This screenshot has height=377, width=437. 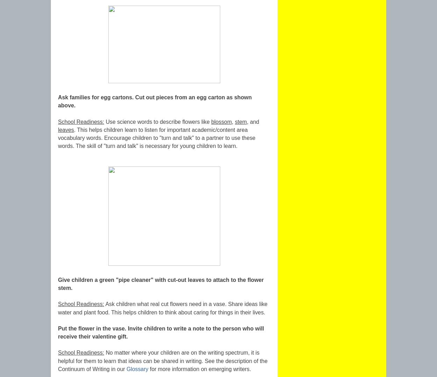 I want to click on 'blossom', so click(x=221, y=121).